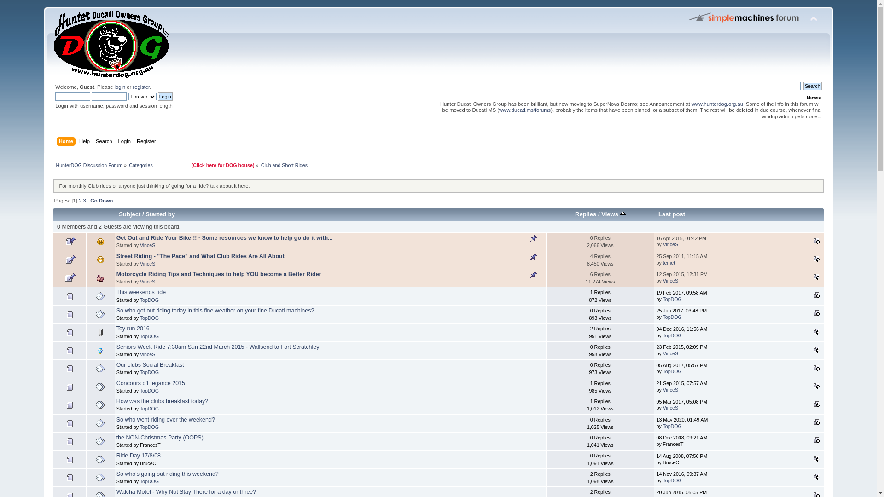 This screenshot has width=884, height=497. What do you see at coordinates (140, 292) in the screenshot?
I see `'This weekends ride'` at bounding box center [140, 292].